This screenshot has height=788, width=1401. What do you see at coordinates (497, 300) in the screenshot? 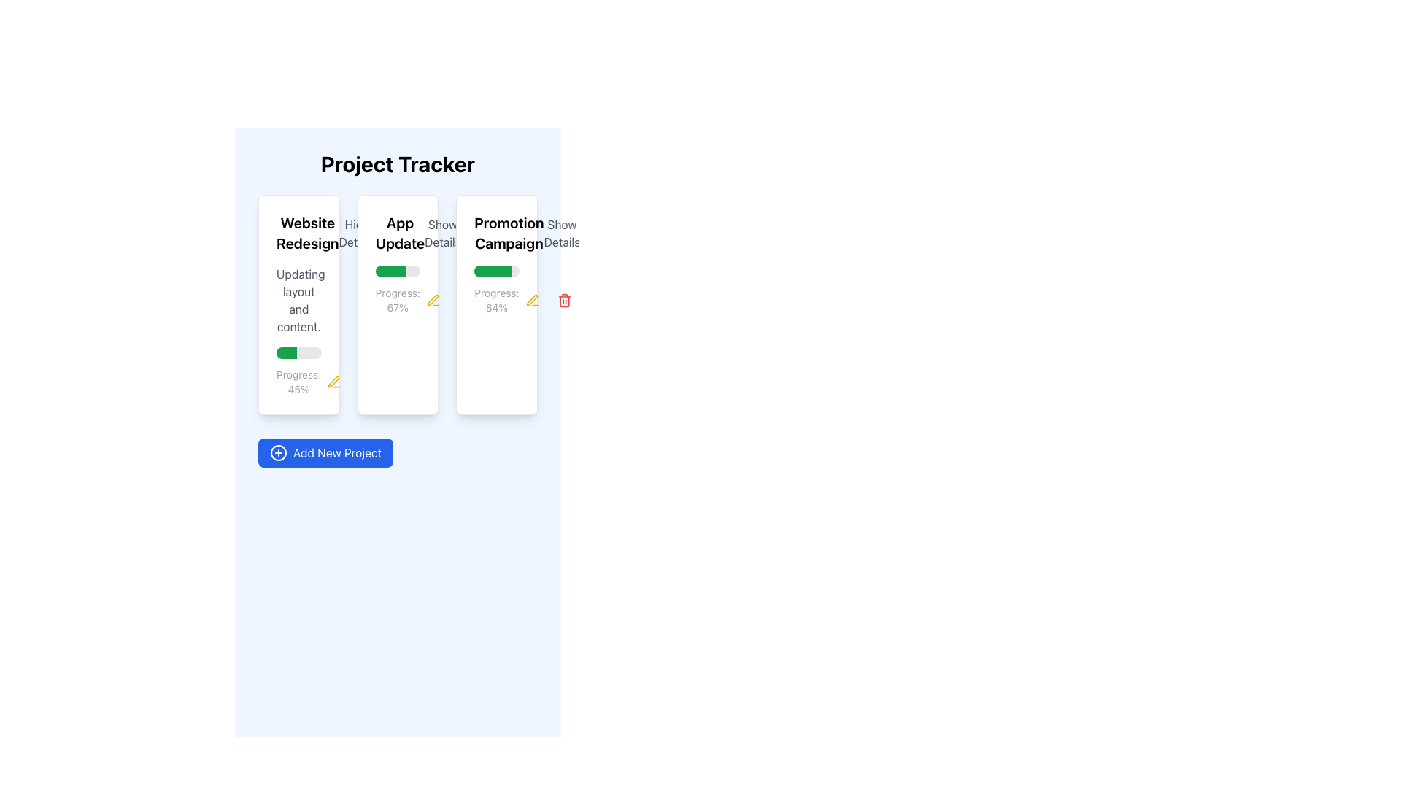
I see `the Text label displaying the progress percentage for the associated task or campaign located below the progress bar in the 'Promotion Campaign' card` at bounding box center [497, 300].